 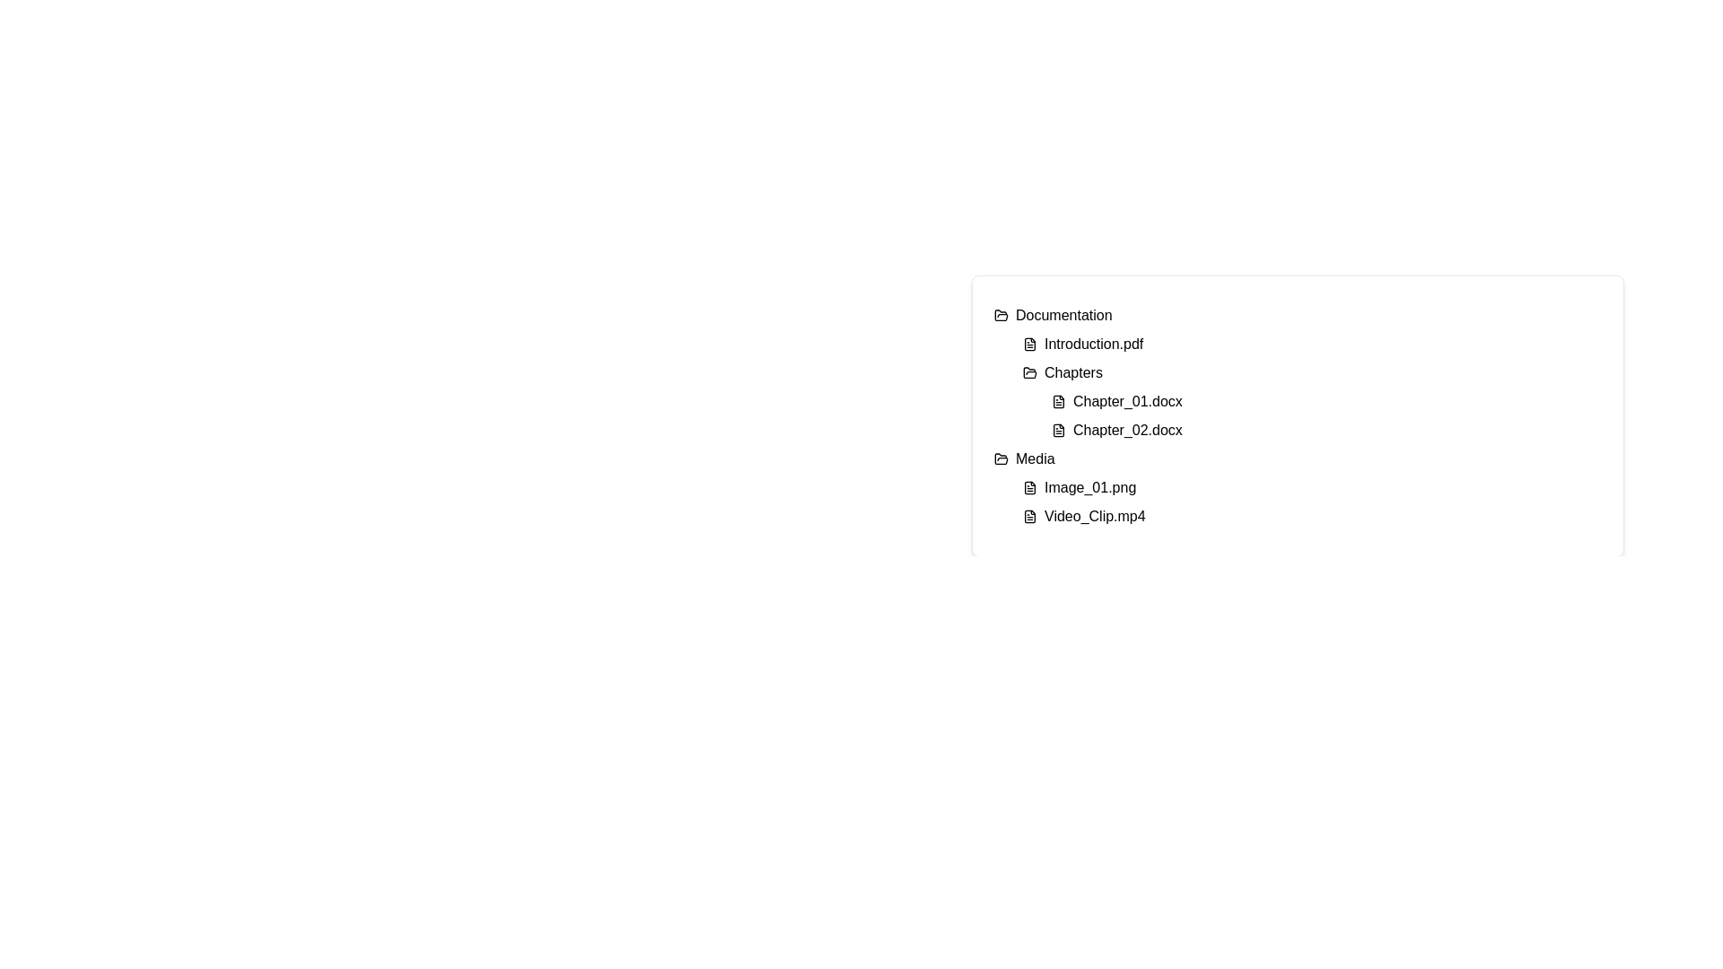 What do you see at coordinates (1298, 458) in the screenshot?
I see `the 'Media' folder item` at bounding box center [1298, 458].